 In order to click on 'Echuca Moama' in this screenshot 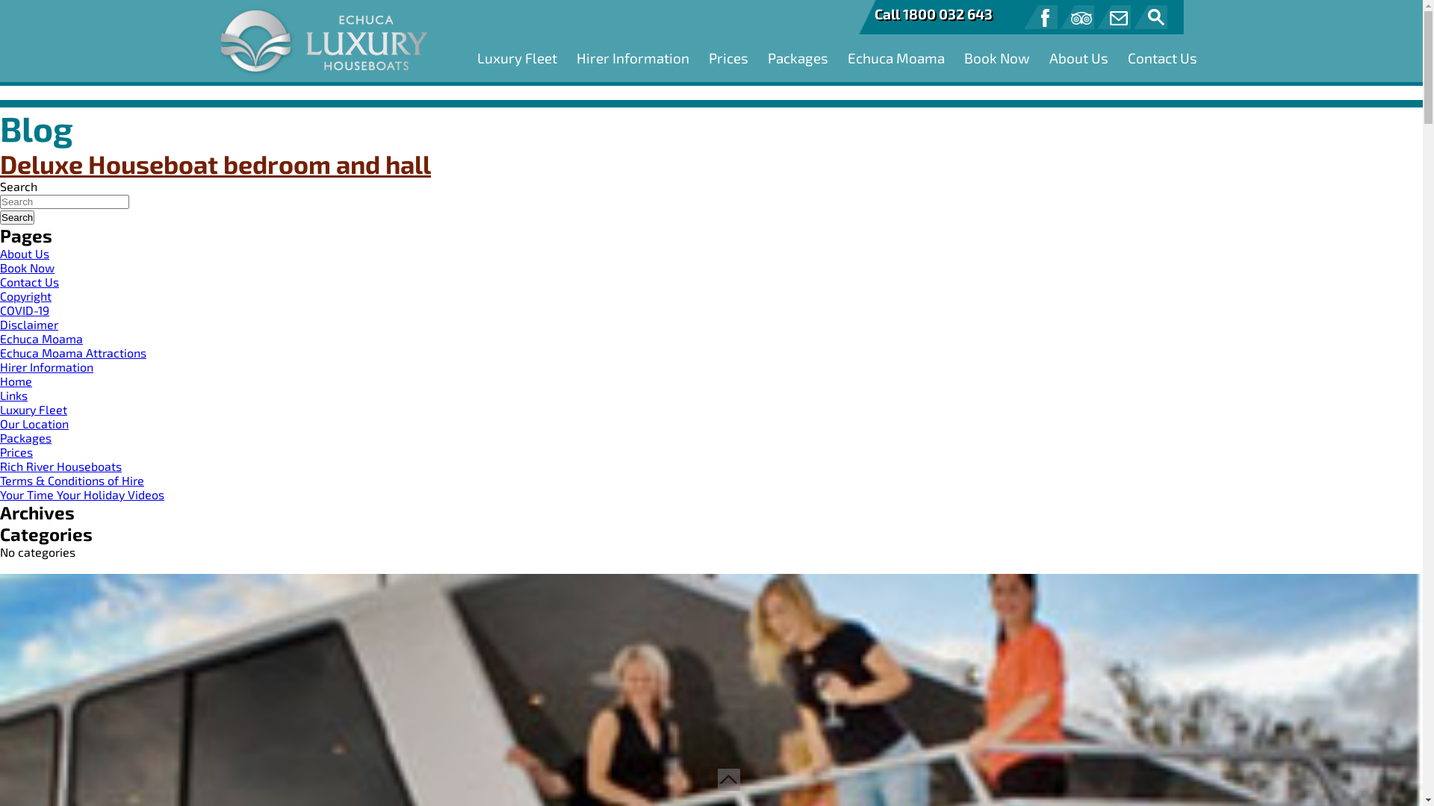, I will do `click(0, 338)`.